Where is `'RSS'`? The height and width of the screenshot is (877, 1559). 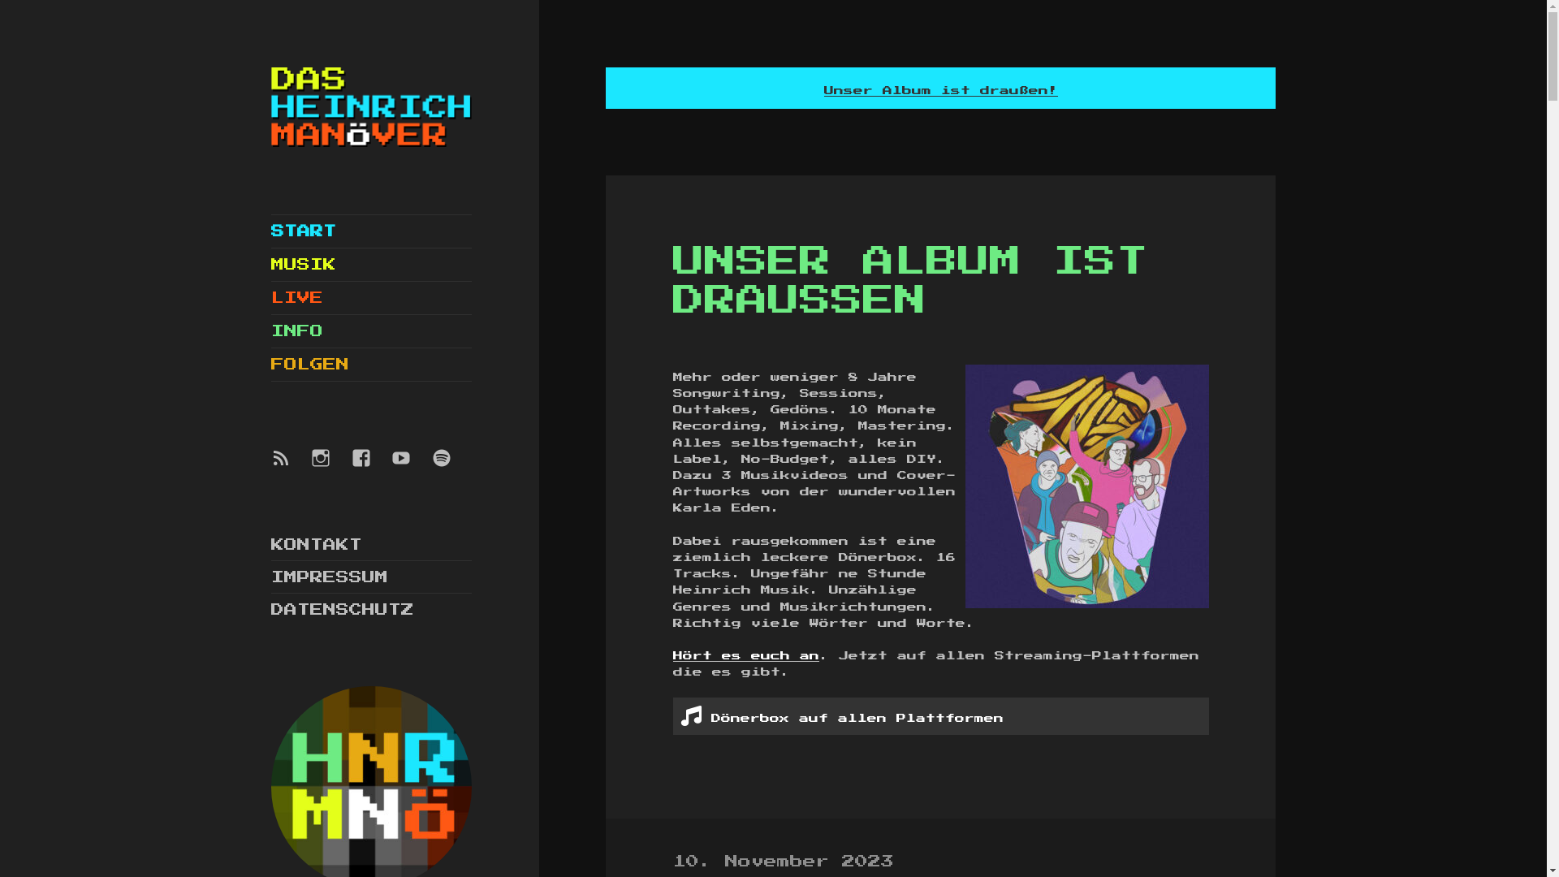
'RSS' is located at coordinates (291, 467).